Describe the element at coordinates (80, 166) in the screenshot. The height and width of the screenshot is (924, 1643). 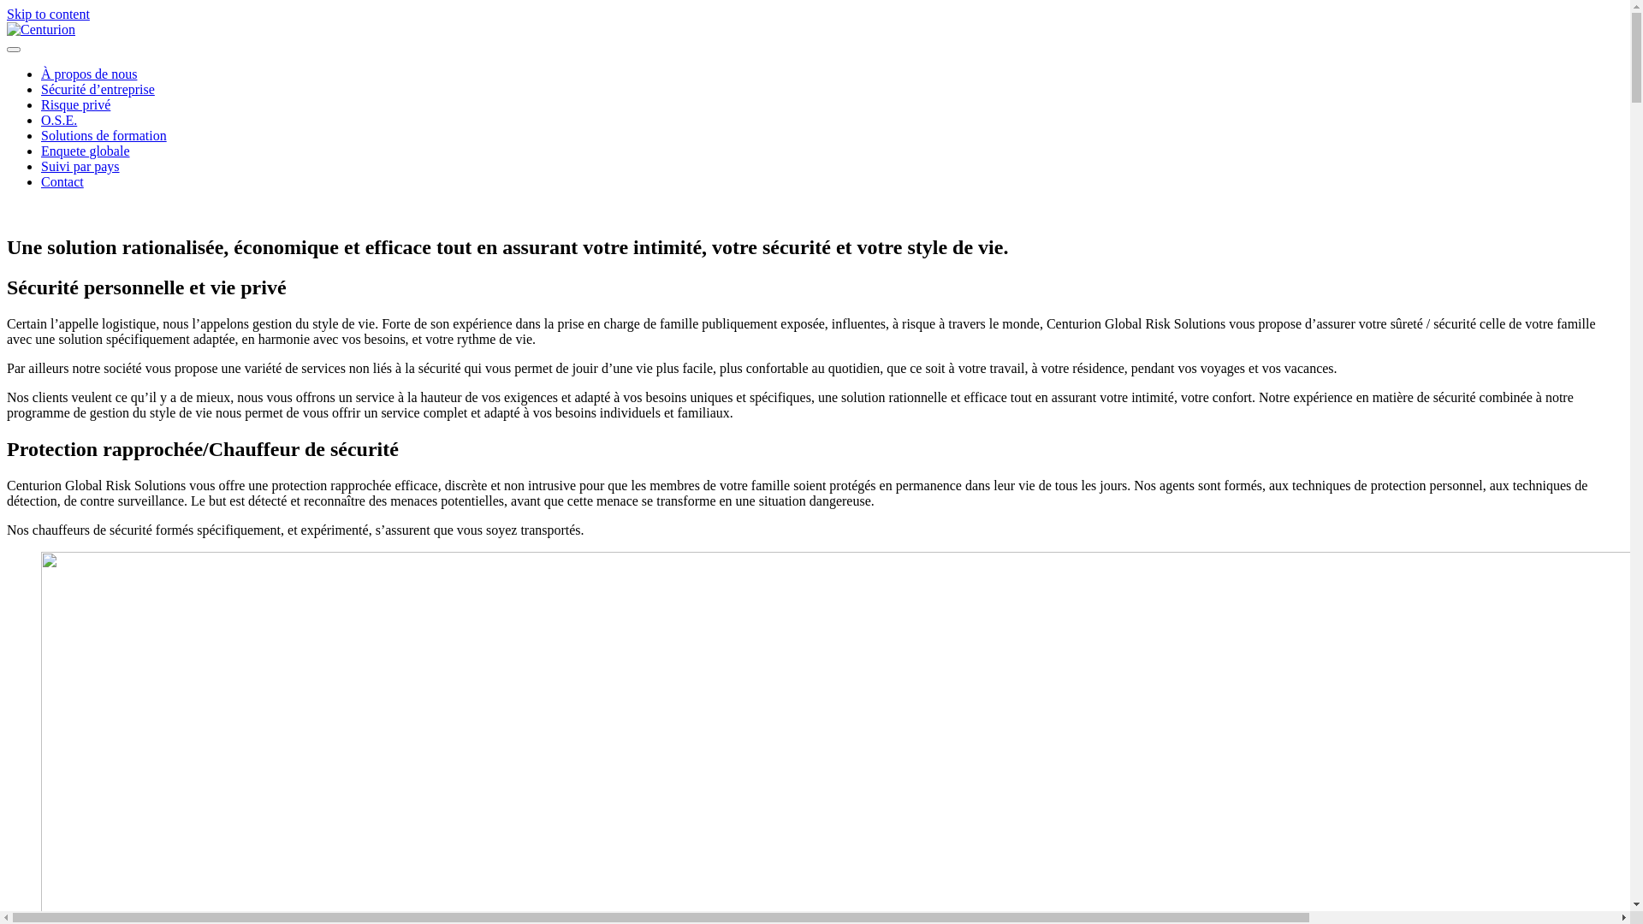
I see `'Suivi par pays'` at that location.